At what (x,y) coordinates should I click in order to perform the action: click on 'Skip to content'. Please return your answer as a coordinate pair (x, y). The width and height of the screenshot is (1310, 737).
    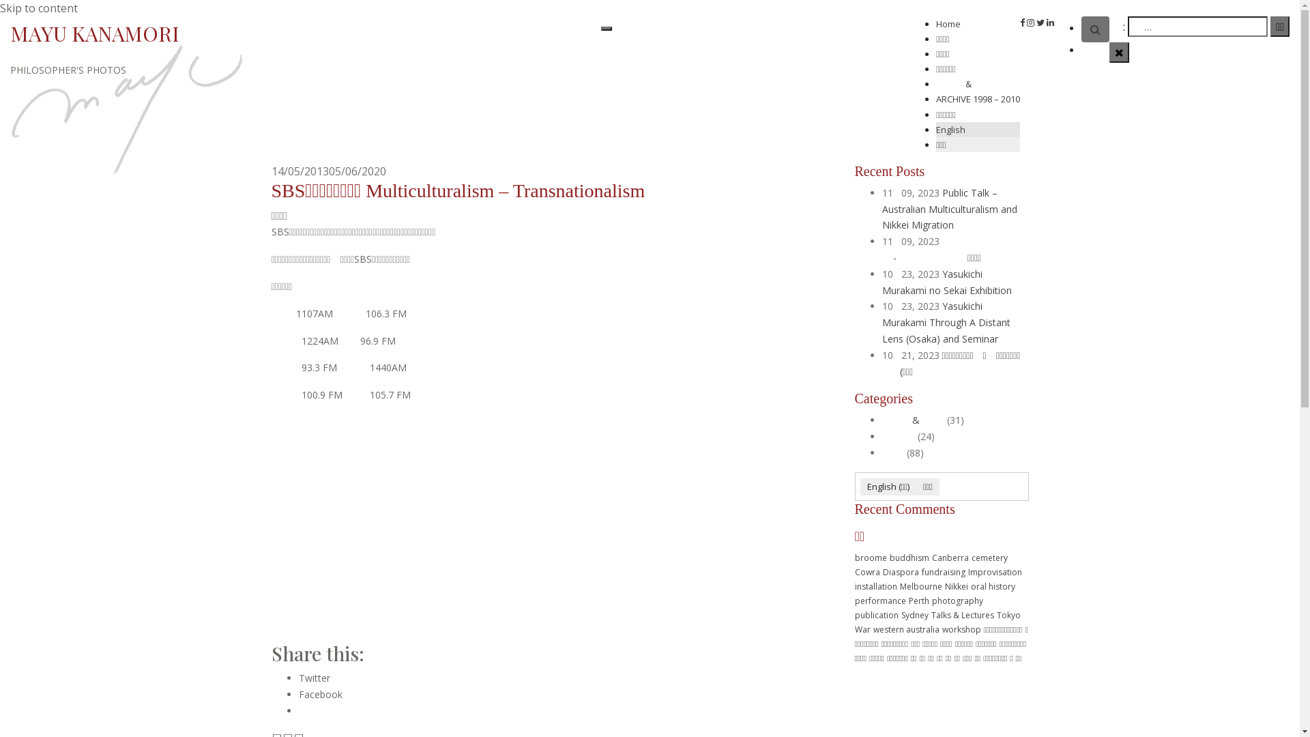
    Looking at the image, I should click on (39, 8).